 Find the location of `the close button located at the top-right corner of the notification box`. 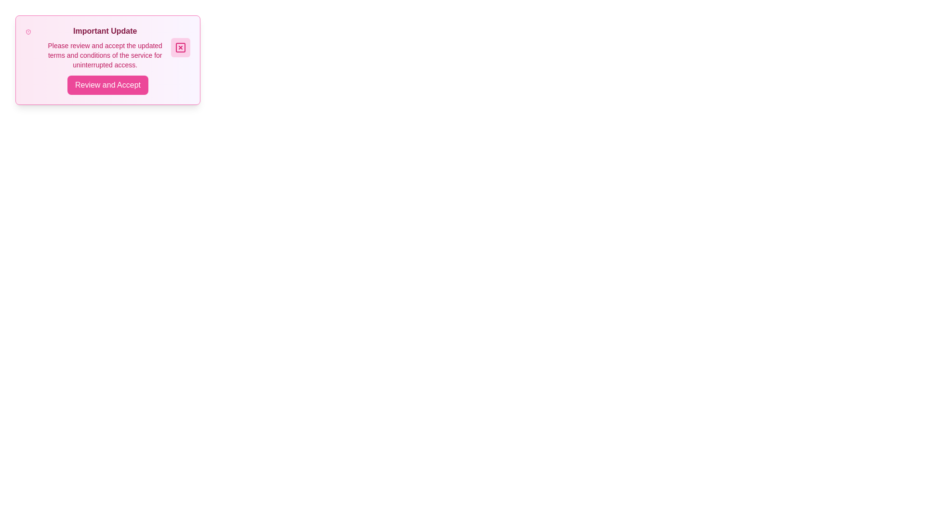

the close button located at the top-right corner of the notification box is located at coordinates (180, 48).